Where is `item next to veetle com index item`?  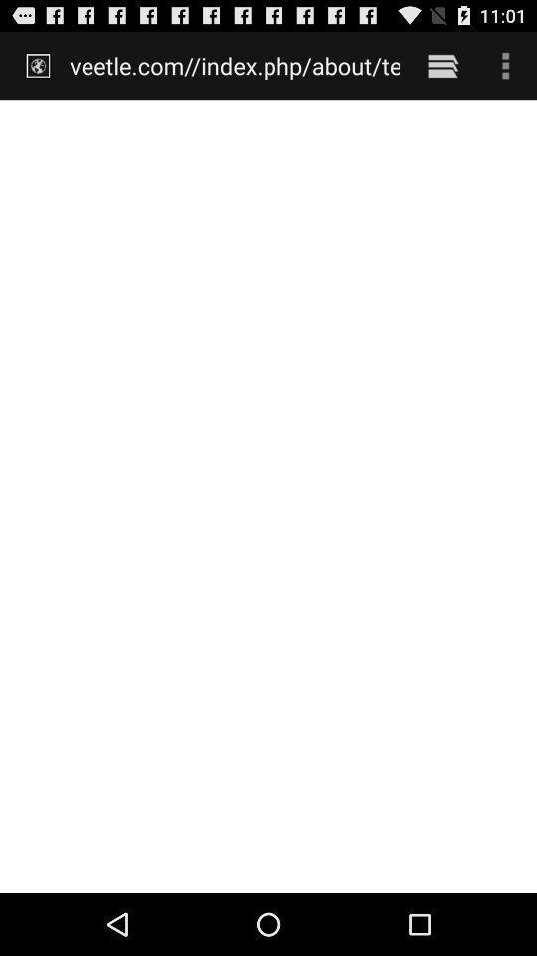
item next to veetle com index item is located at coordinates (443, 65).